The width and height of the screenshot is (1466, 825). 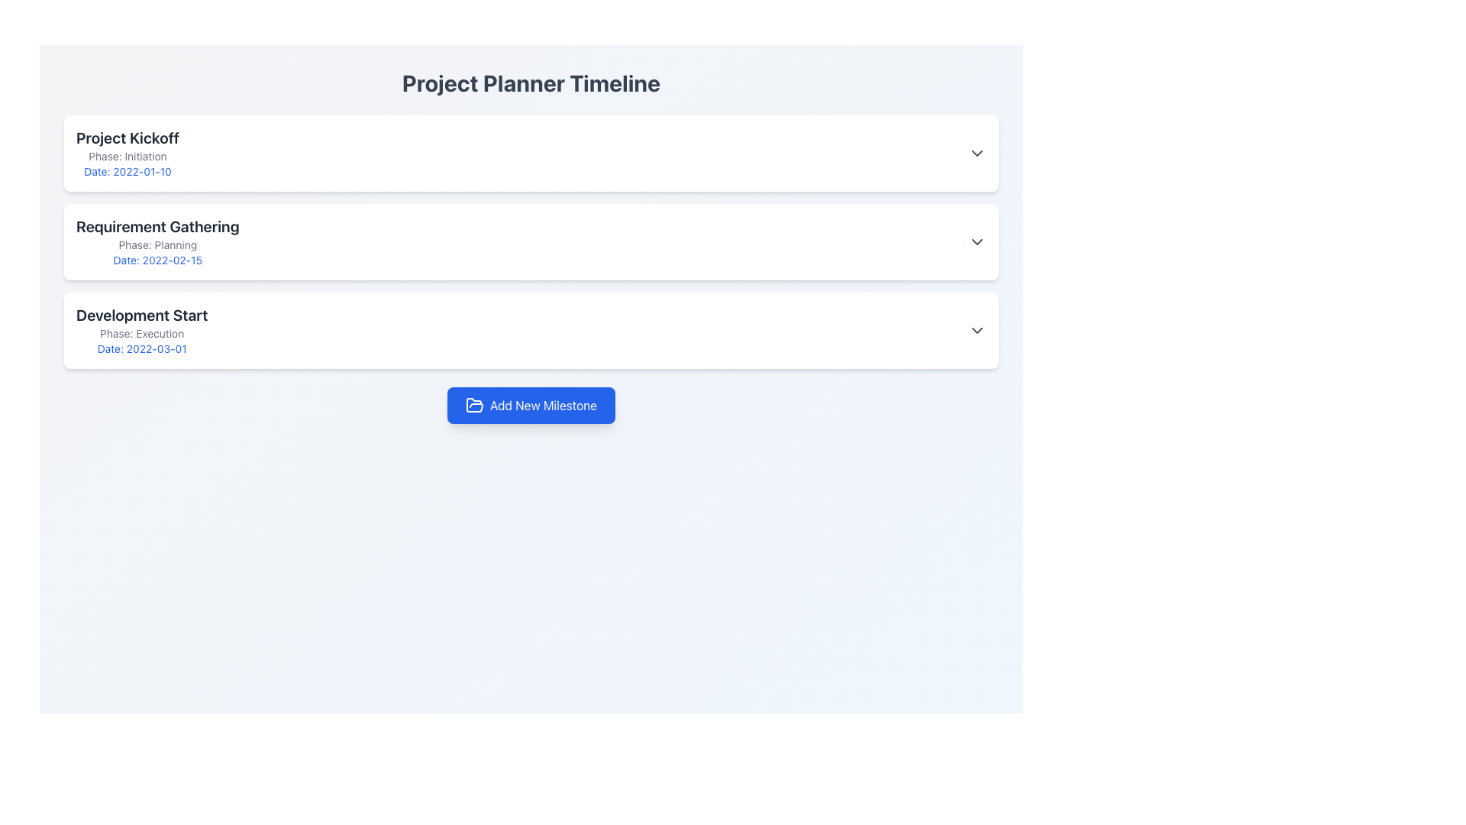 I want to click on the non-interactive text label displaying the date '2022-02-15' associated with the 'Requirement Gathering' milestone, so click(x=157, y=259).